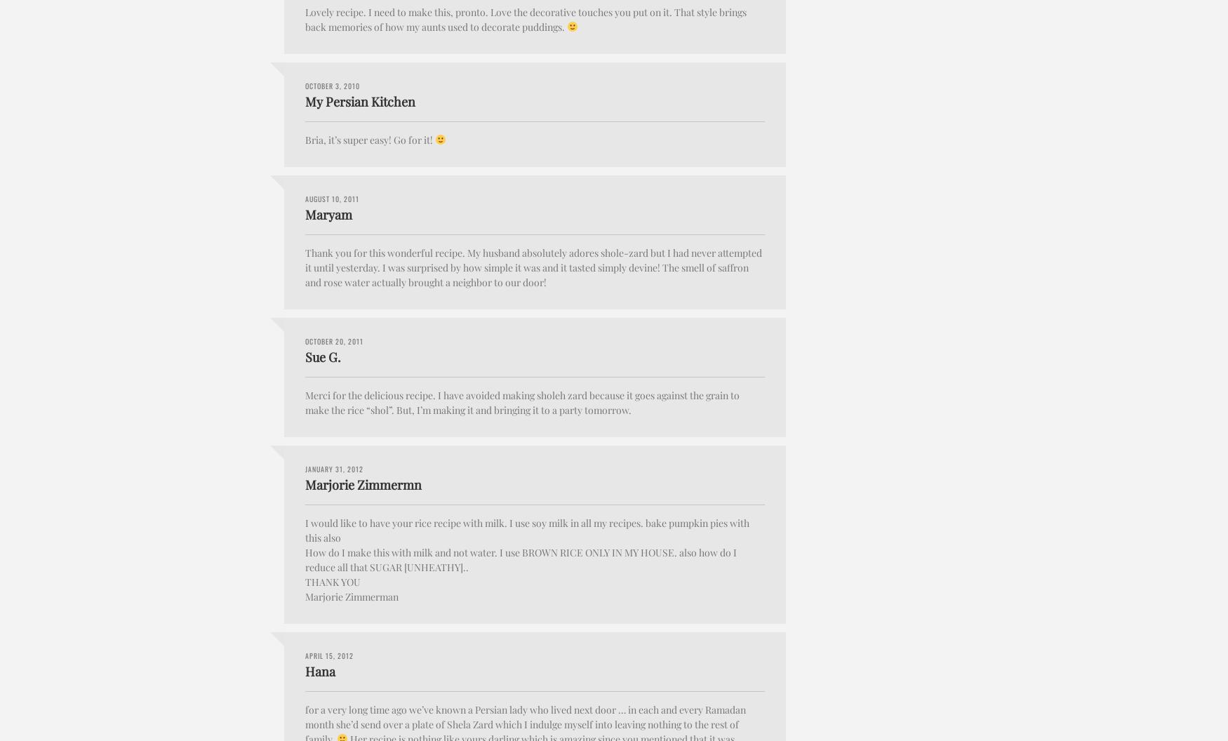 This screenshot has width=1228, height=741. Describe the element at coordinates (333, 84) in the screenshot. I see `'October 3, 2010'` at that location.